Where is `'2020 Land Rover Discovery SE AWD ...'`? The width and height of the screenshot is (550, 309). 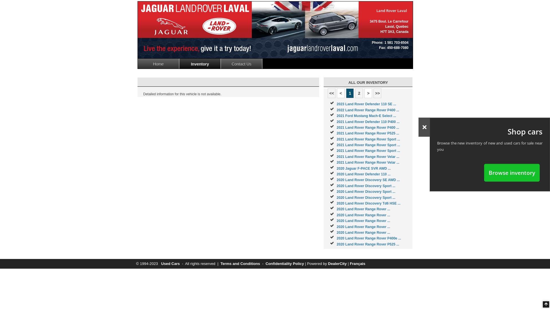
'2020 Land Rover Discovery SE AWD ...' is located at coordinates (368, 179).